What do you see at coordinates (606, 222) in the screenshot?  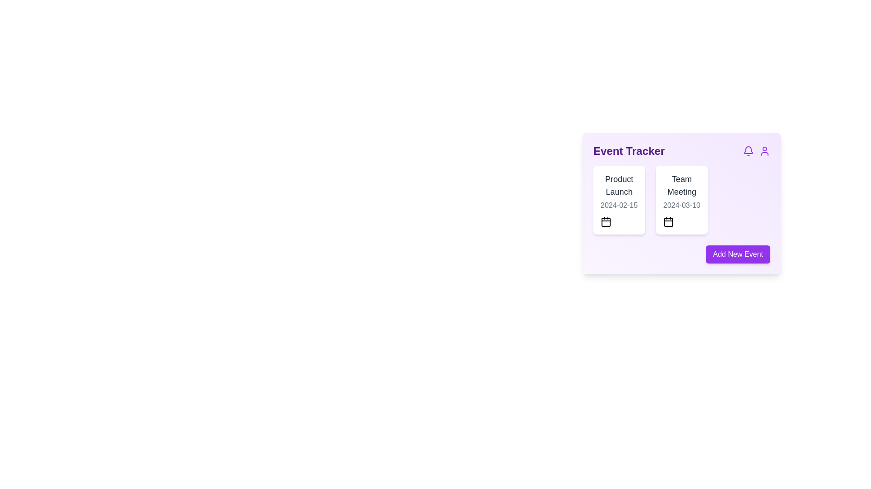 I see `the rounded rectangle within the calendar icon that forms the body of the calendar next to the 'Product Launch' event` at bounding box center [606, 222].